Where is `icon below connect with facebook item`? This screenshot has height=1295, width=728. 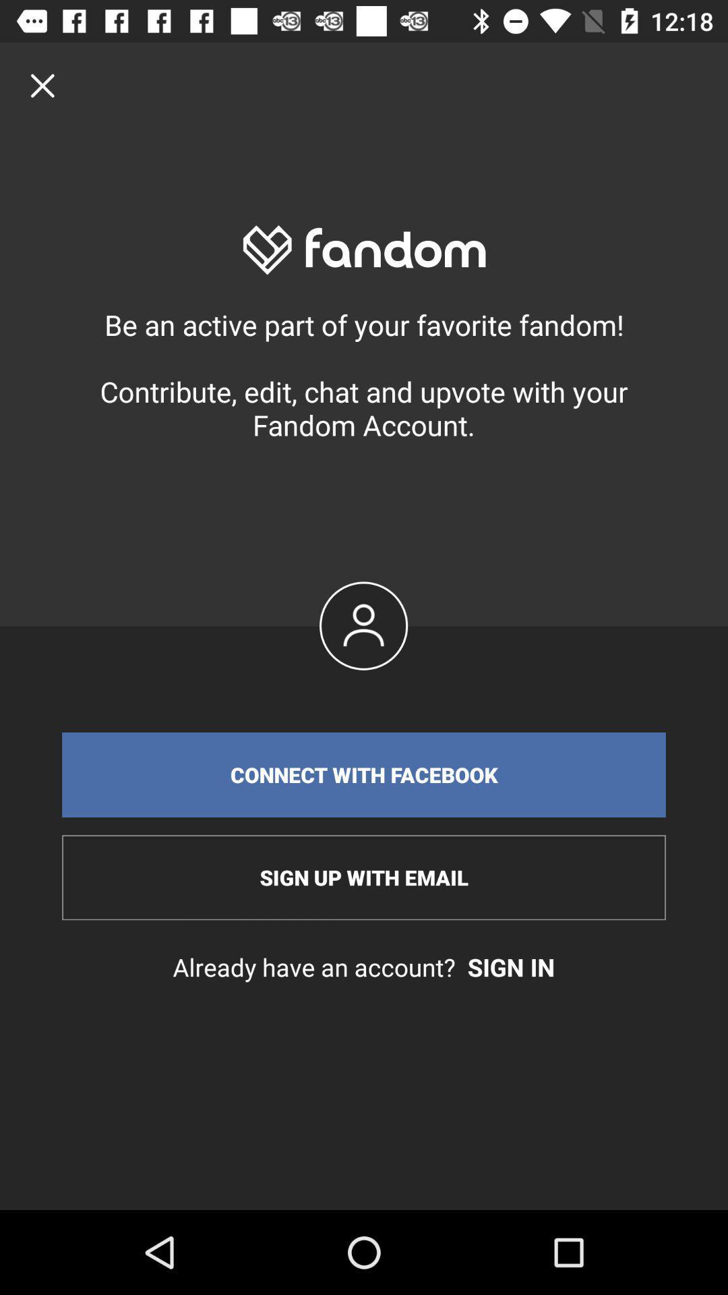
icon below connect with facebook item is located at coordinates (364, 877).